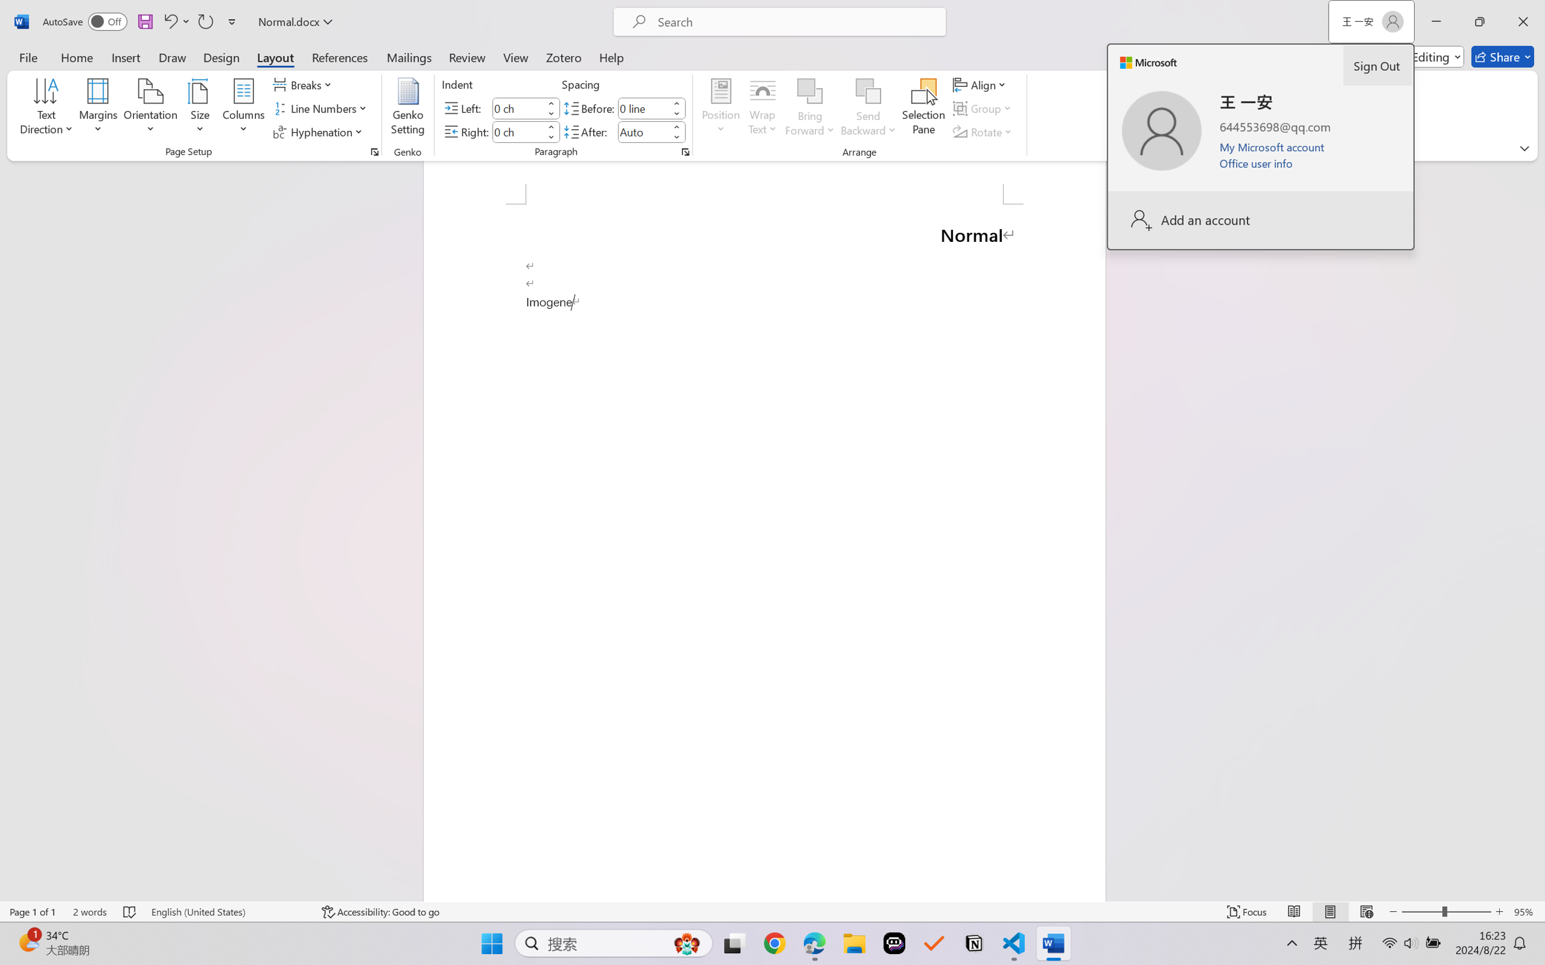  I want to click on 'Page Number Page 1 of 1', so click(33, 911).